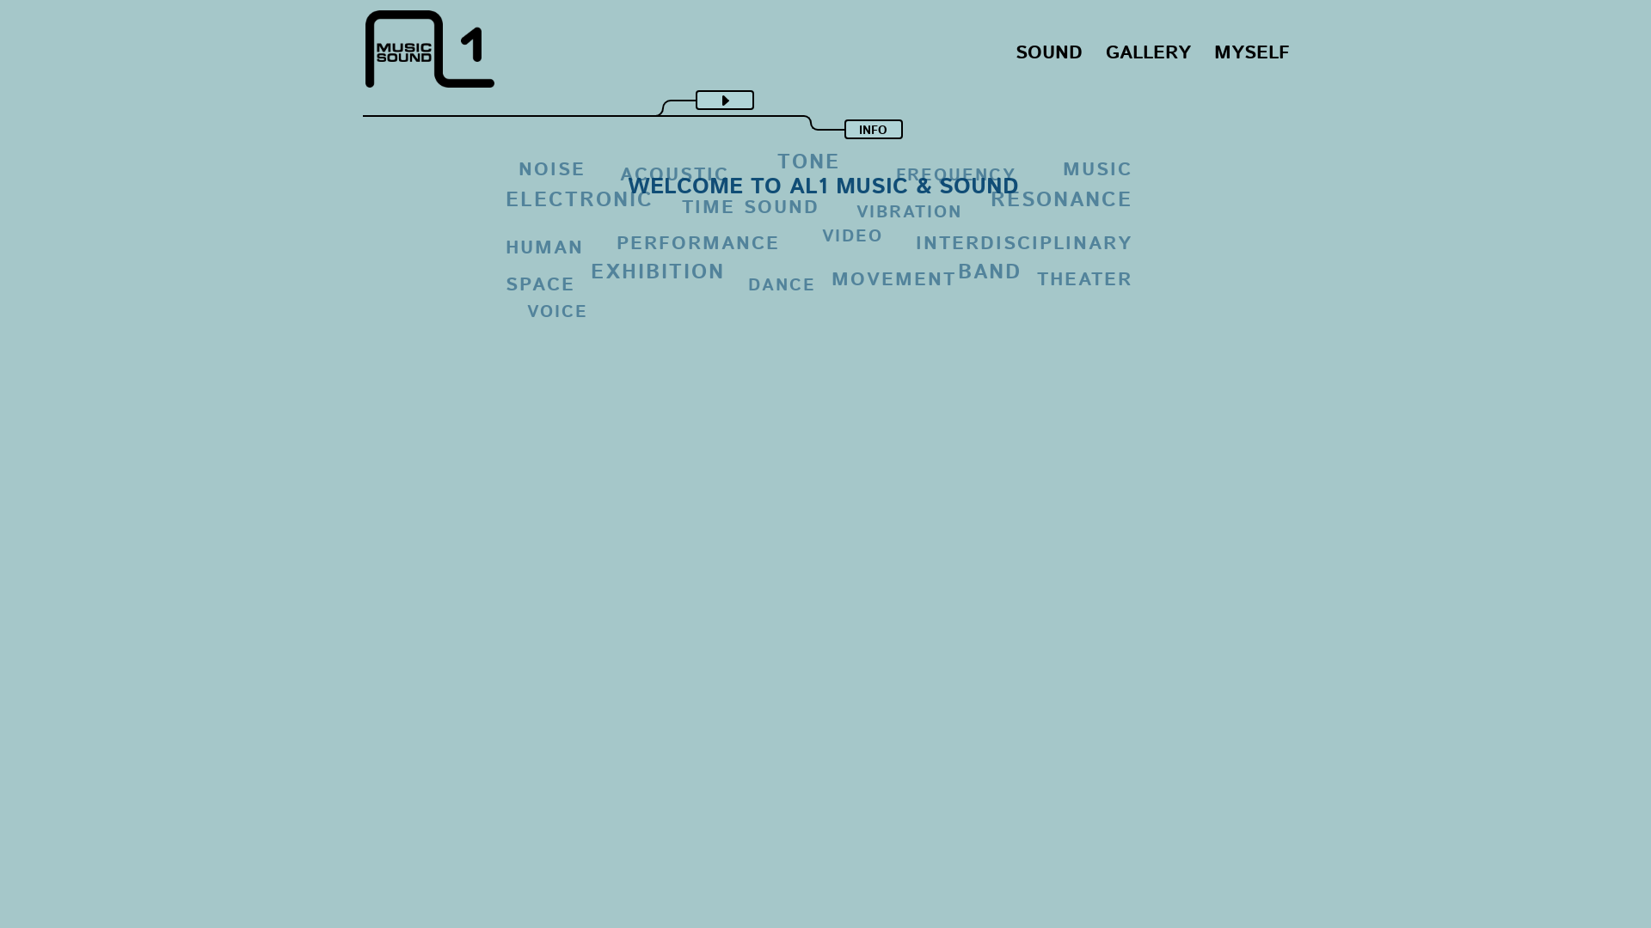 Image resolution: width=1651 pixels, height=928 pixels. Describe the element at coordinates (1047, 52) in the screenshot. I see `'SOUND'` at that location.